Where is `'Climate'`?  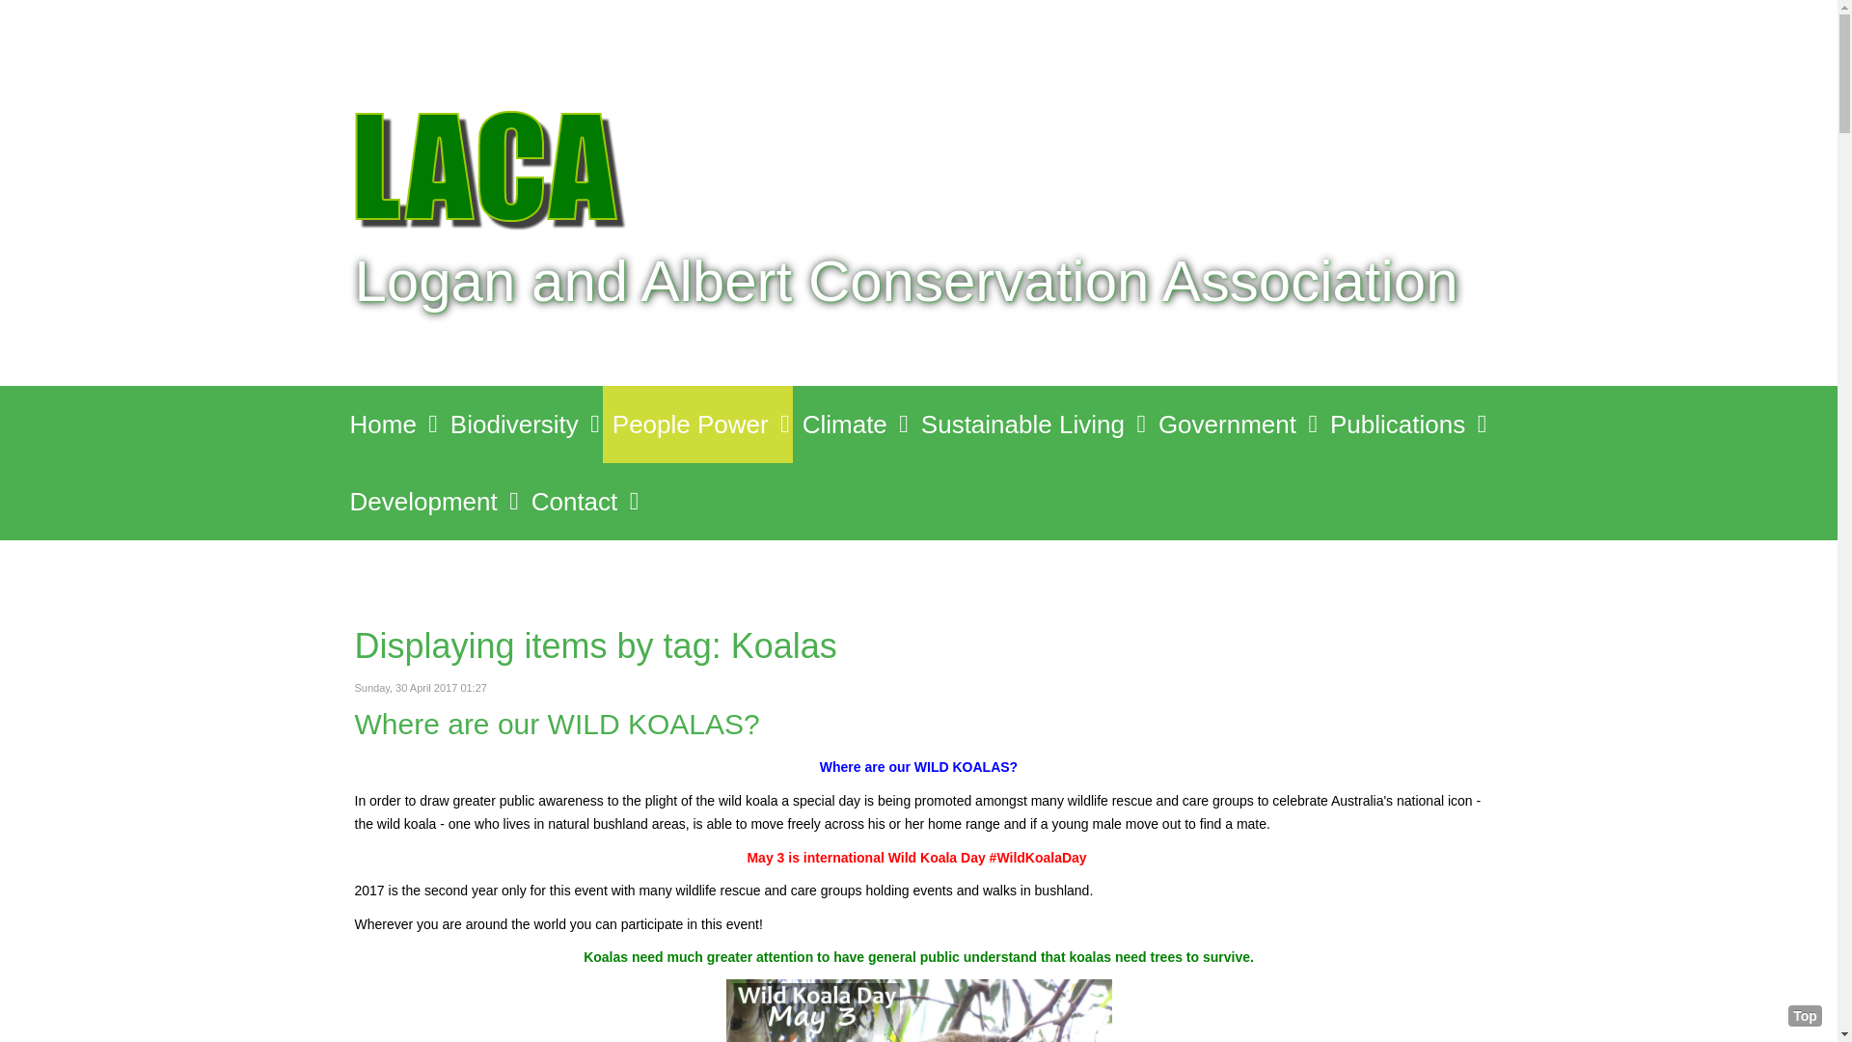 'Climate' is located at coordinates (851, 423).